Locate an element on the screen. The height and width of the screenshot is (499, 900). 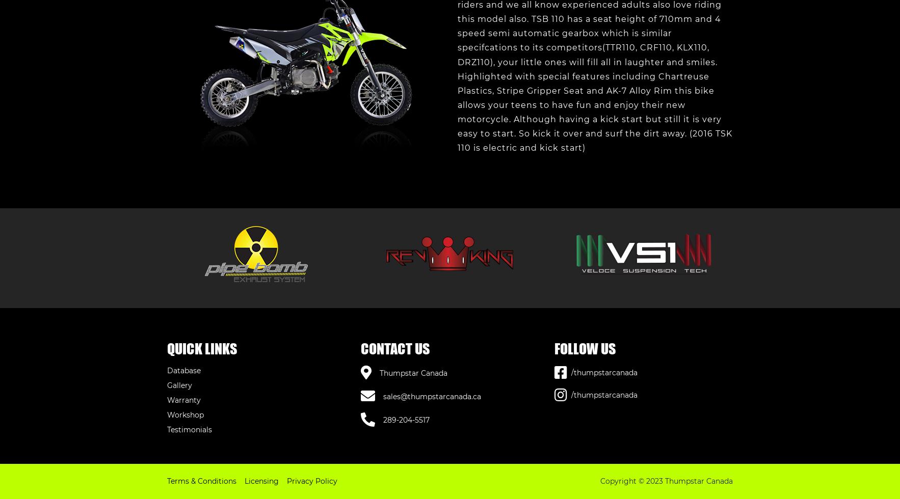
'Testimonials' is located at coordinates (189, 429).